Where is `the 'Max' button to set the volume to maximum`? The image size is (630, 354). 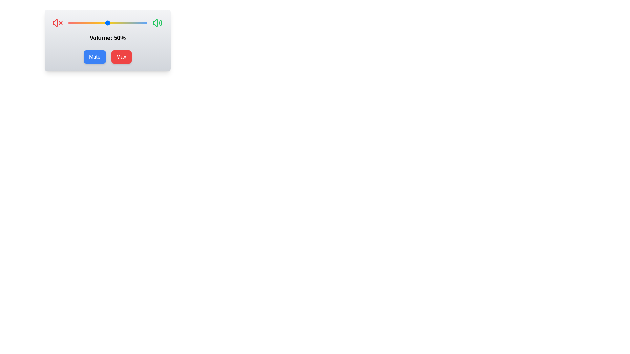 the 'Max' button to set the volume to maximum is located at coordinates (121, 56).